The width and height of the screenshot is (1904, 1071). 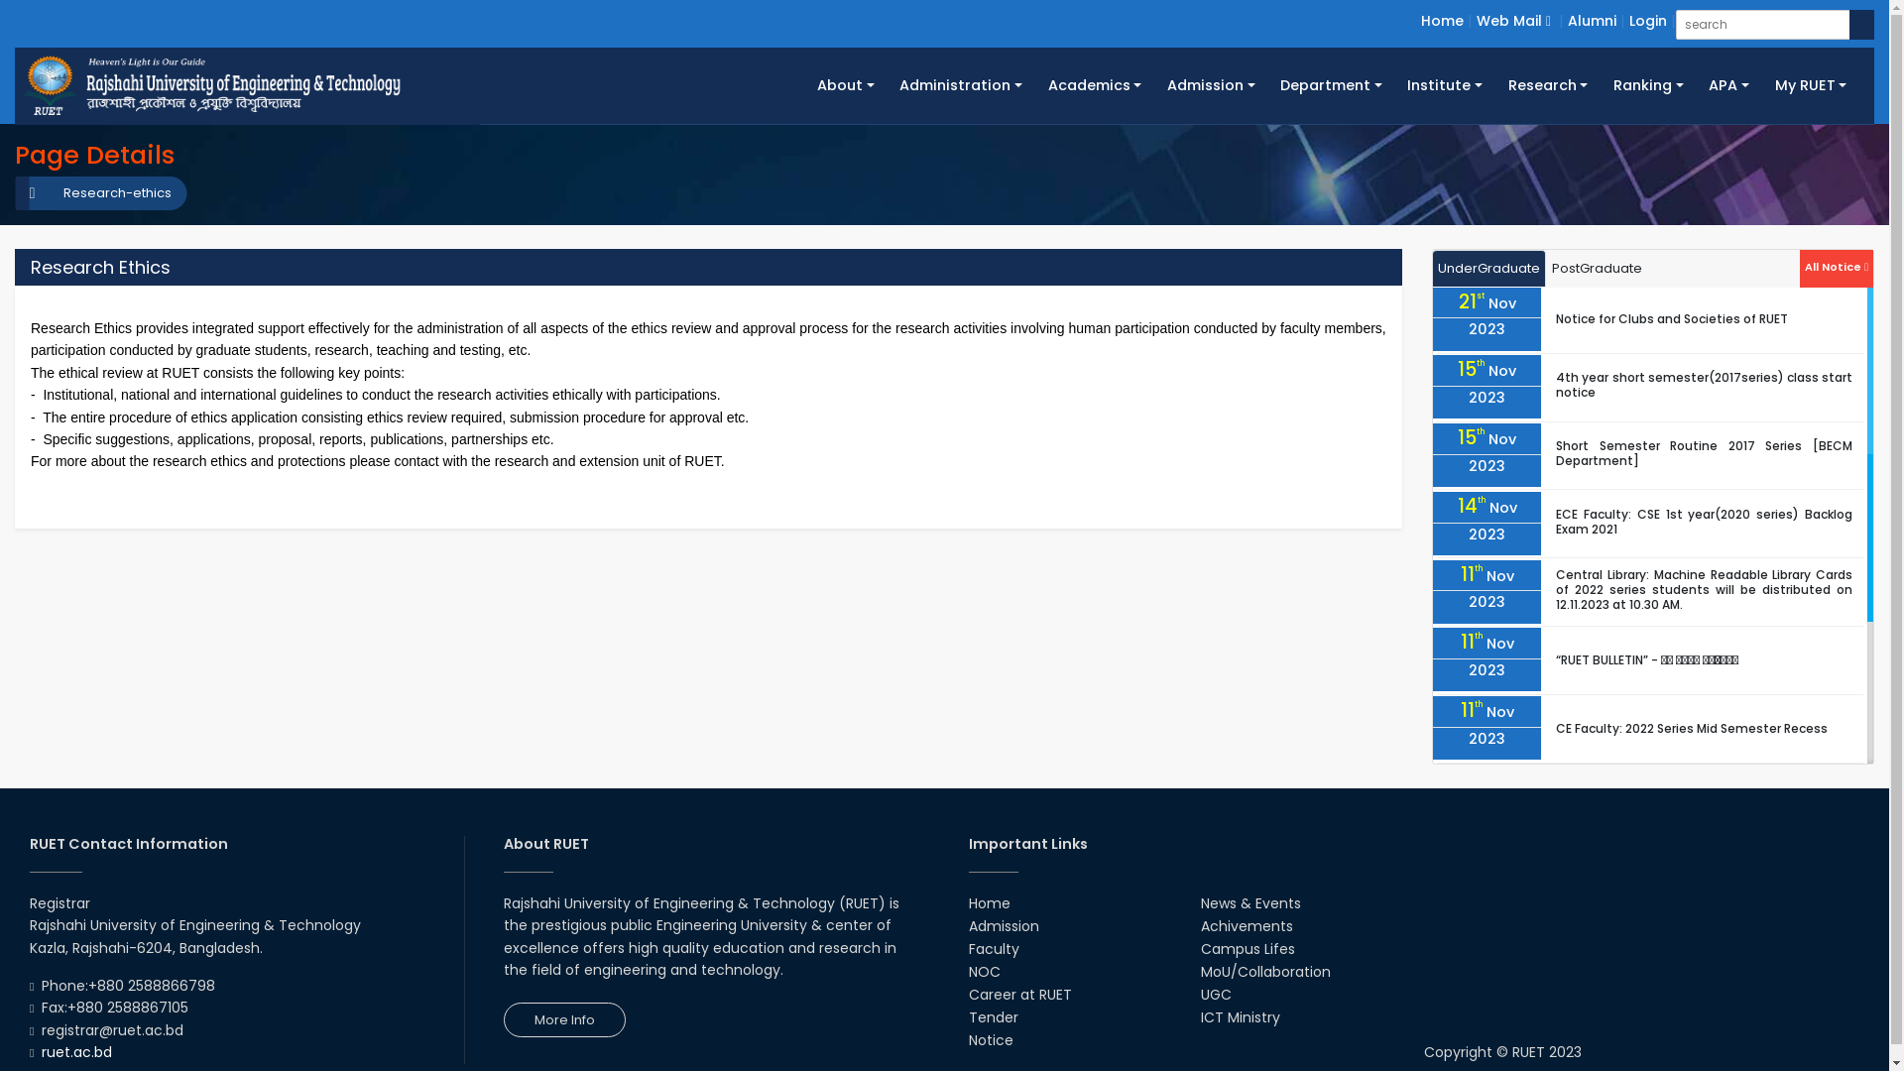 I want to click on 'Login', so click(x=1628, y=20).